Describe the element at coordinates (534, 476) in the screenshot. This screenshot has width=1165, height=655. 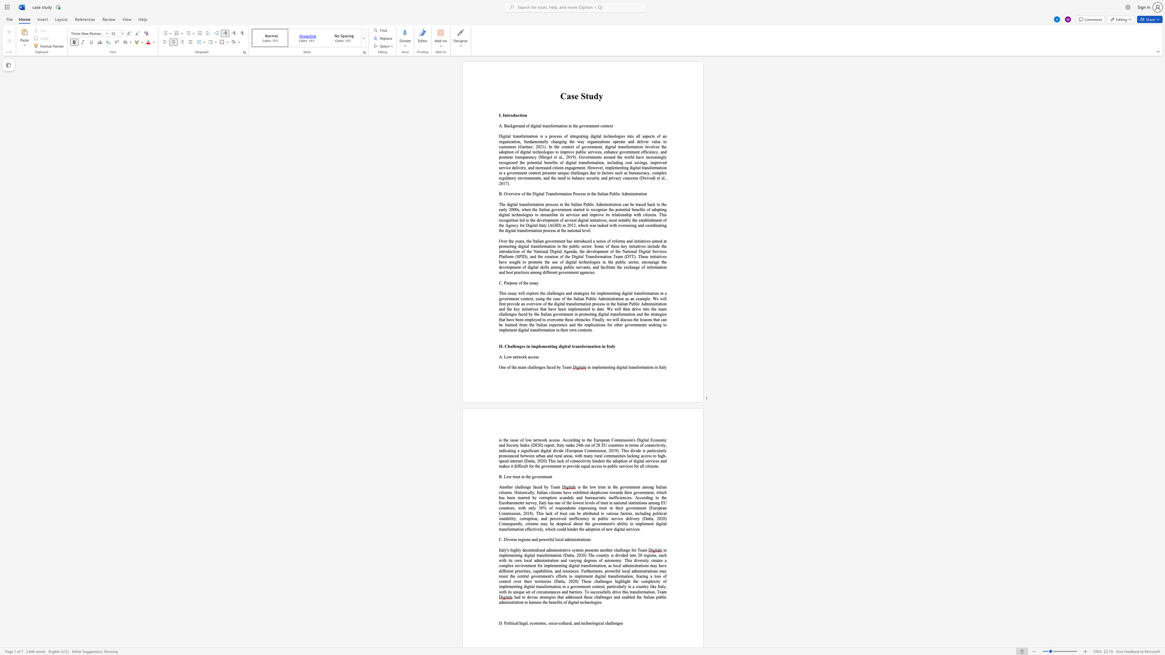
I see `the subset text "ov" within the text "B. Low trust in the government"` at that location.